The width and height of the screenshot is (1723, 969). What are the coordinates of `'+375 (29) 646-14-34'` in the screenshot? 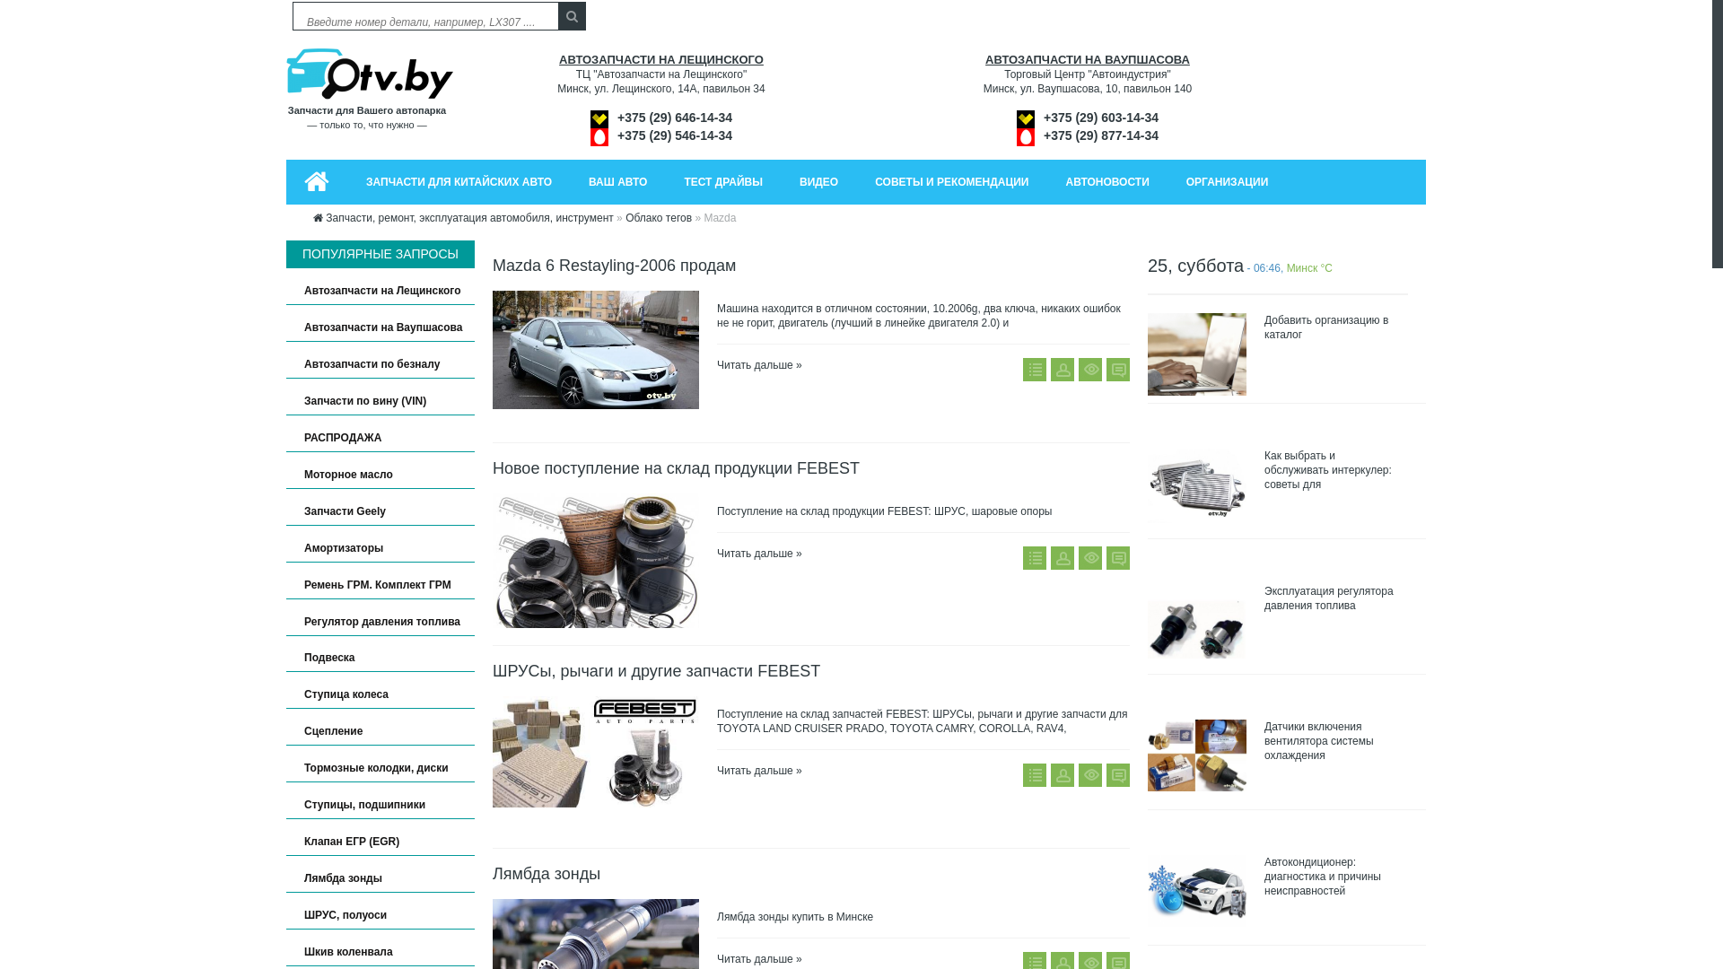 It's located at (674, 118).